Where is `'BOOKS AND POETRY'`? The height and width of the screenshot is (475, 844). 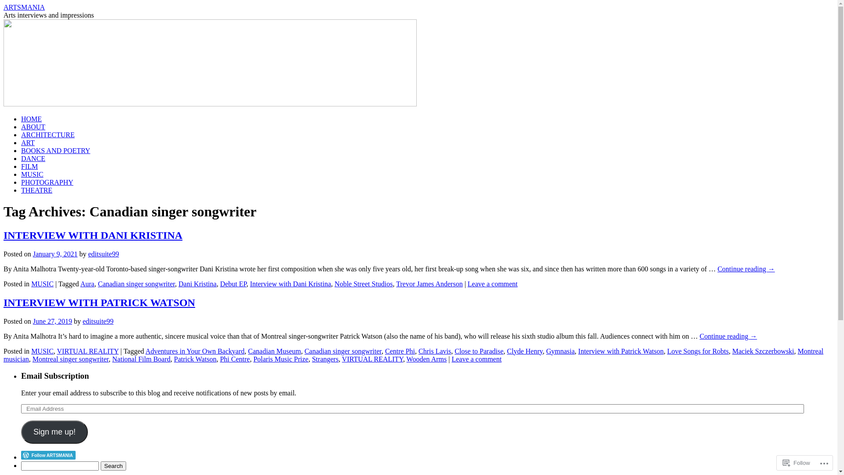 'BOOKS AND POETRY' is located at coordinates (21, 150).